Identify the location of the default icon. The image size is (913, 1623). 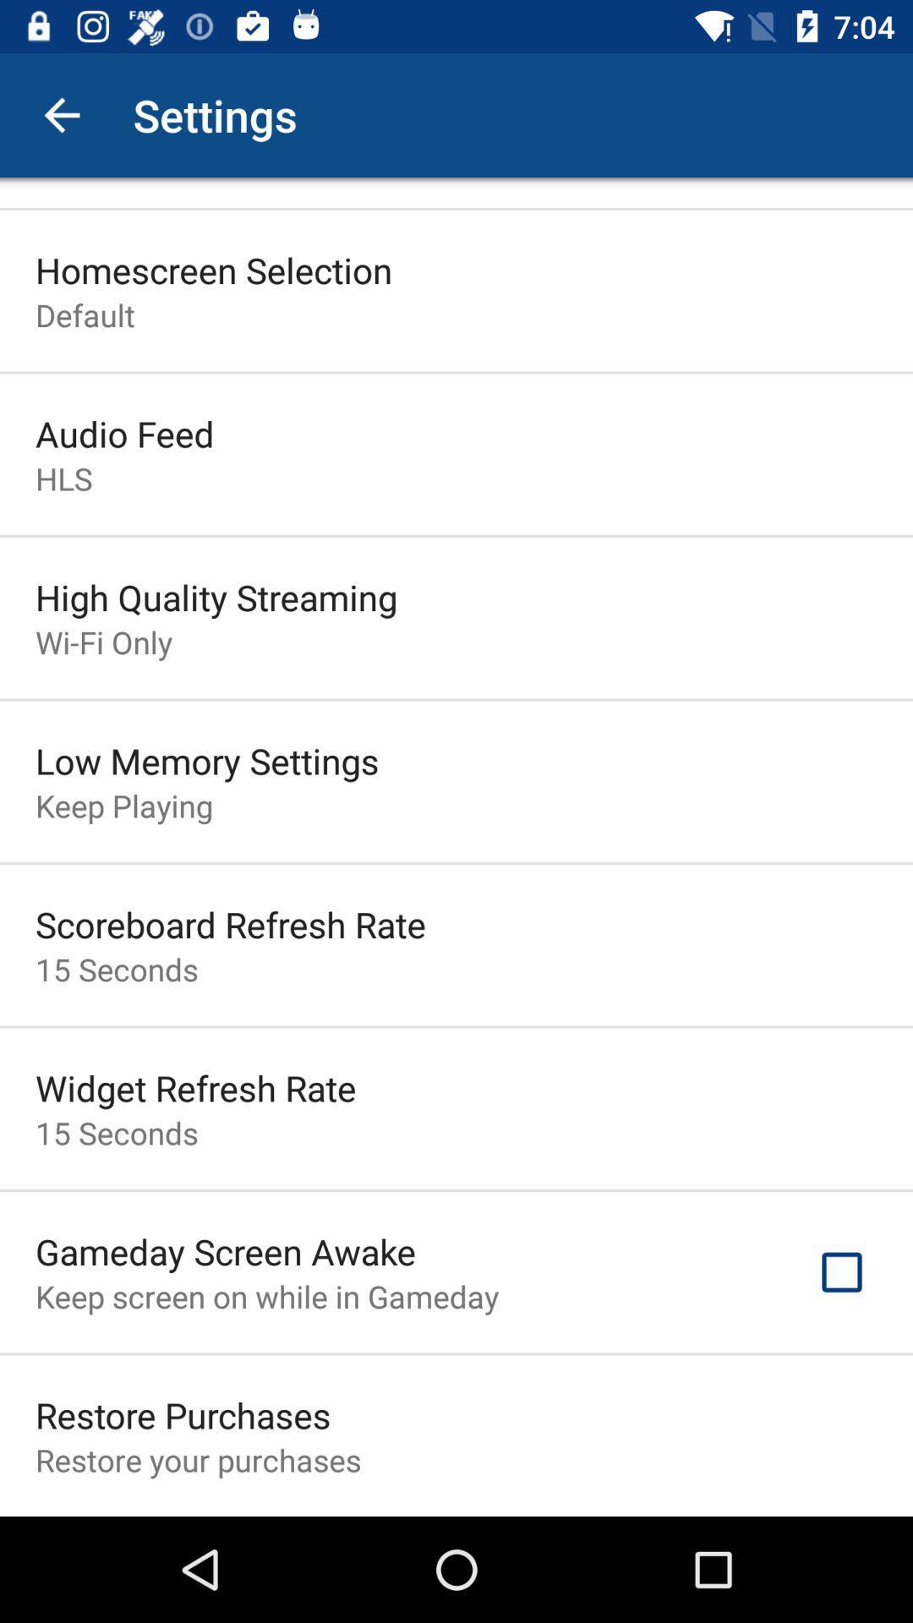
(85, 314).